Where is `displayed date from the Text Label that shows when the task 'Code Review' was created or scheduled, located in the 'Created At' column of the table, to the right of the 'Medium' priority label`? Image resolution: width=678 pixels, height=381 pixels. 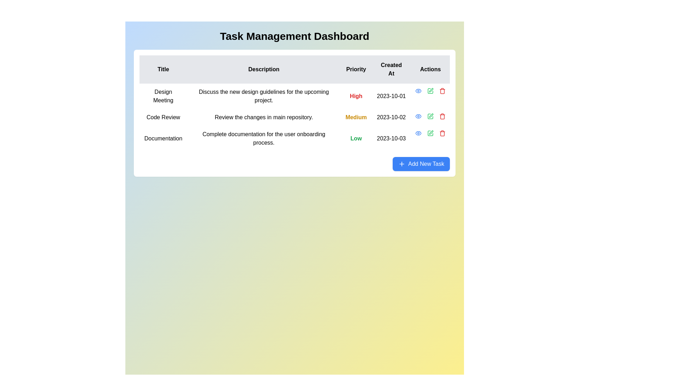
displayed date from the Text Label that shows when the task 'Code Review' was created or scheduled, located in the 'Created At' column of the table, to the right of the 'Medium' priority label is located at coordinates (391, 117).